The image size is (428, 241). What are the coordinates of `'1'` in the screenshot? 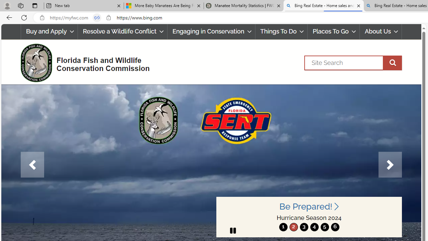 It's located at (283, 227).